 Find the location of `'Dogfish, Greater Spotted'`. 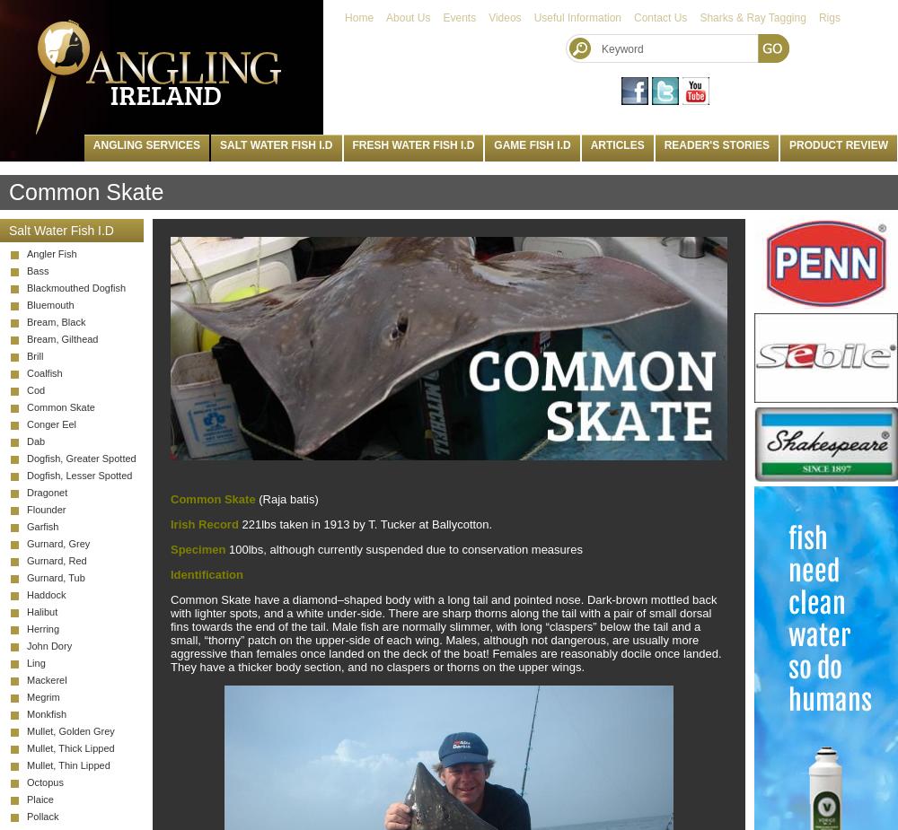

'Dogfish, Greater Spotted' is located at coordinates (27, 458).